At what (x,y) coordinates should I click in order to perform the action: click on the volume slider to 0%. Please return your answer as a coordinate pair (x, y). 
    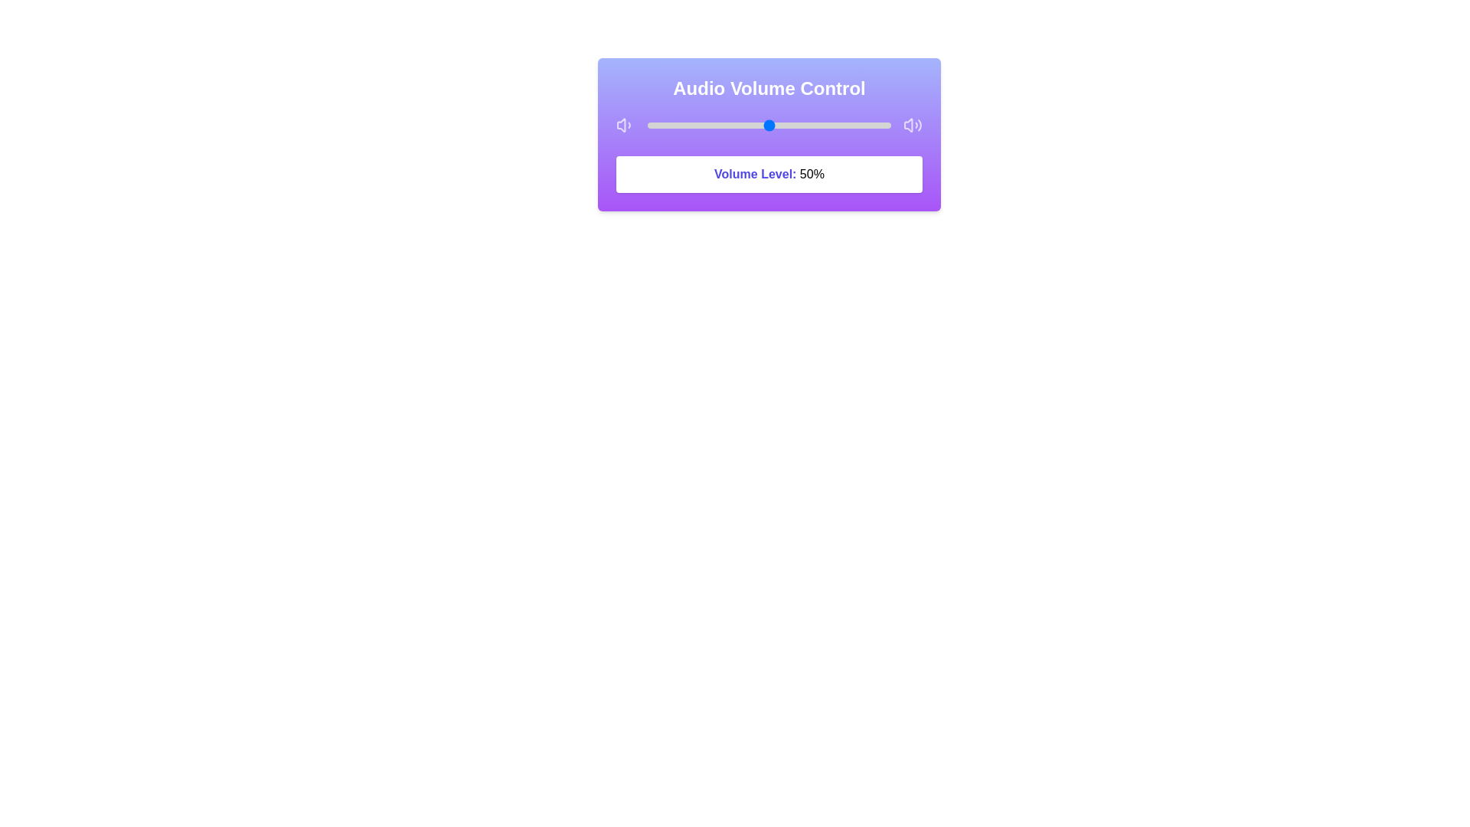
    Looking at the image, I should click on (648, 125).